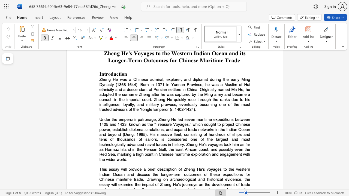 Image resolution: width=349 pixels, height=196 pixels. What do you see at coordinates (118, 74) in the screenshot?
I see `the subset text "ti" within the text "Introduction"` at bounding box center [118, 74].